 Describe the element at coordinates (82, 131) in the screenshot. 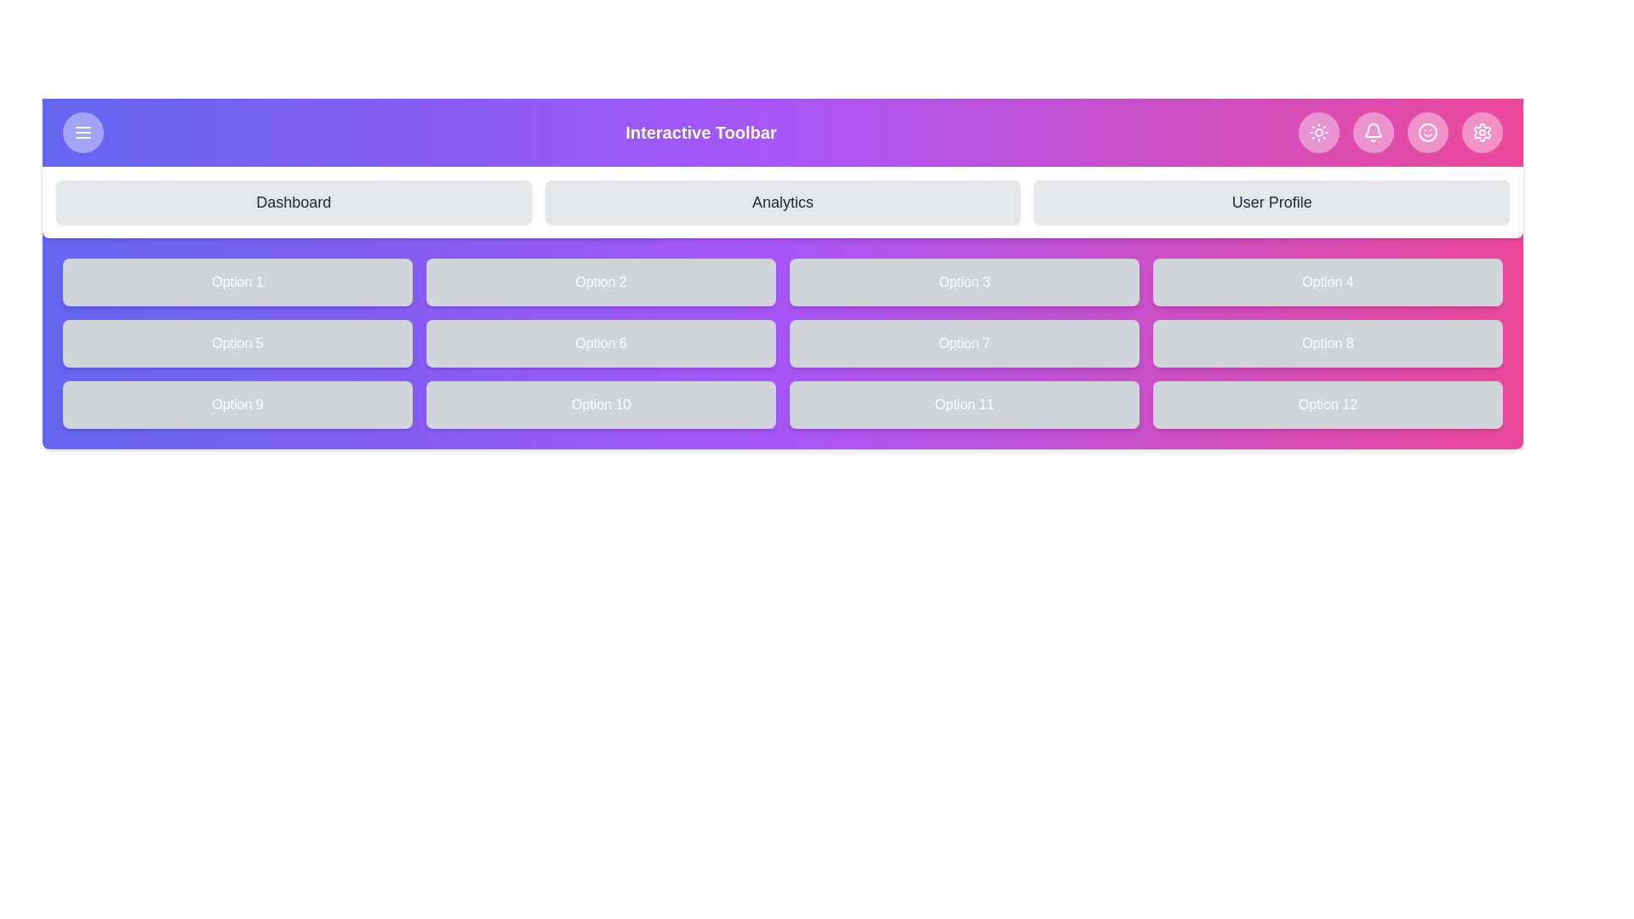

I see `the menu button to toggle the visibility of the menu` at that location.